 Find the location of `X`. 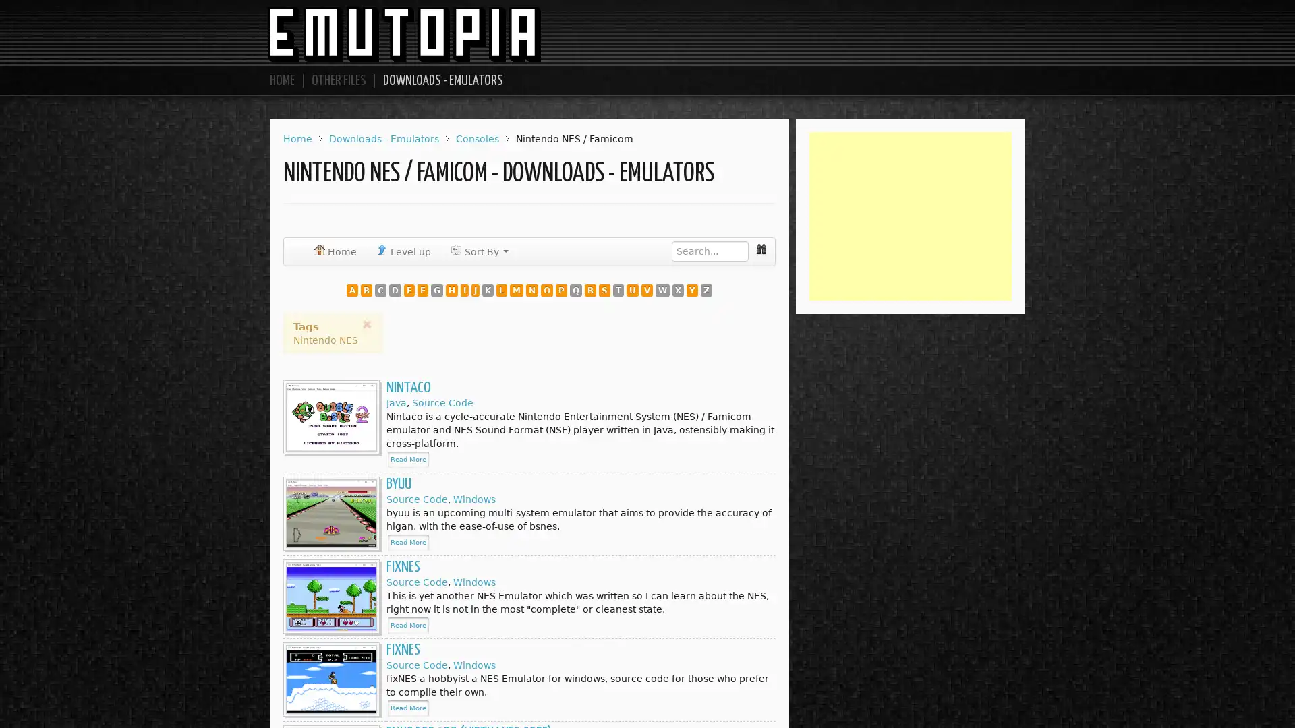

X is located at coordinates (366, 325).